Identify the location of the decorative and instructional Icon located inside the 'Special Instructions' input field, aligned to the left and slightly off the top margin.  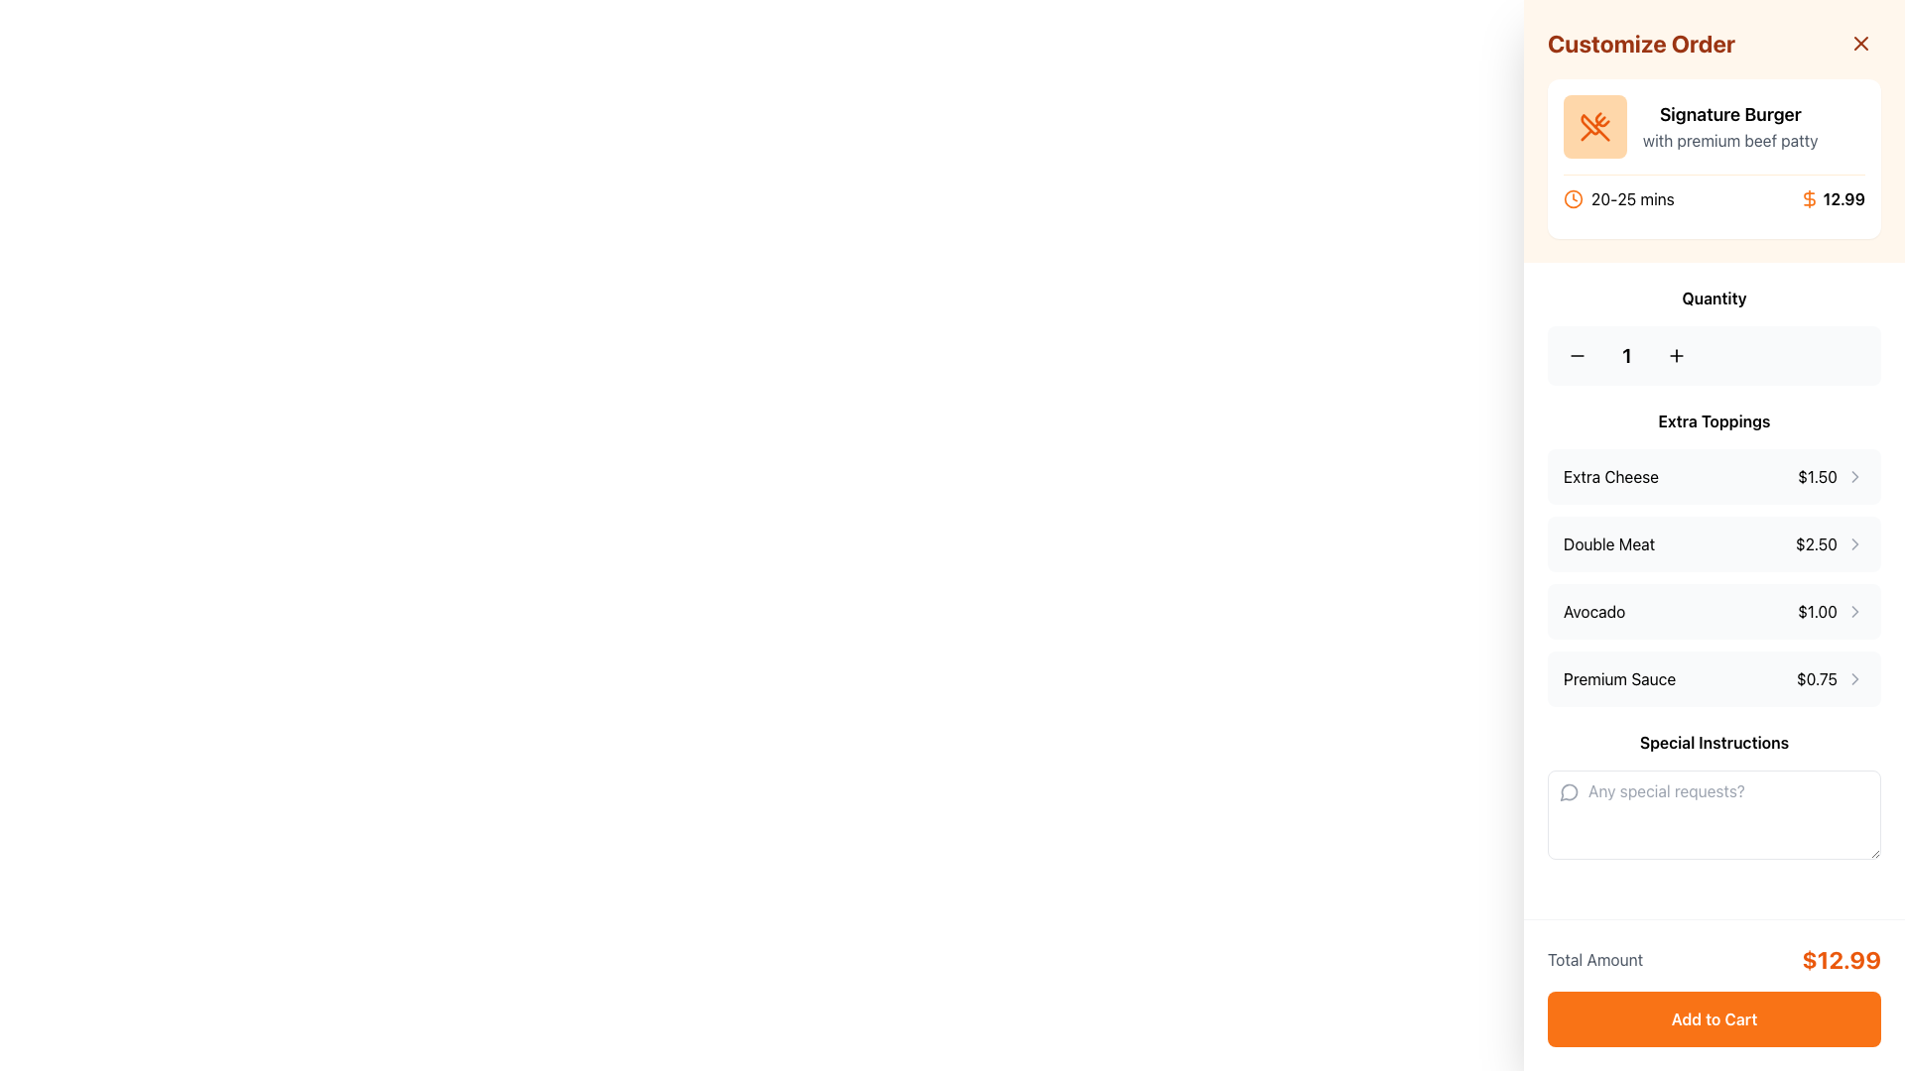
(1569, 790).